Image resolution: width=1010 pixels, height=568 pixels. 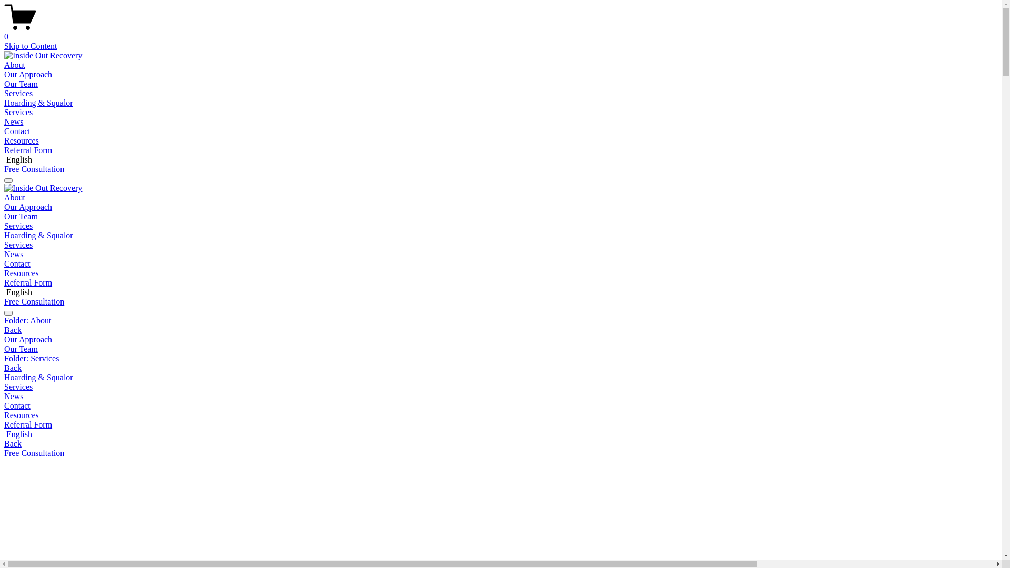 What do you see at coordinates (17, 130) in the screenshot?
I see `'Contact'` at bounding box center [17, 130].